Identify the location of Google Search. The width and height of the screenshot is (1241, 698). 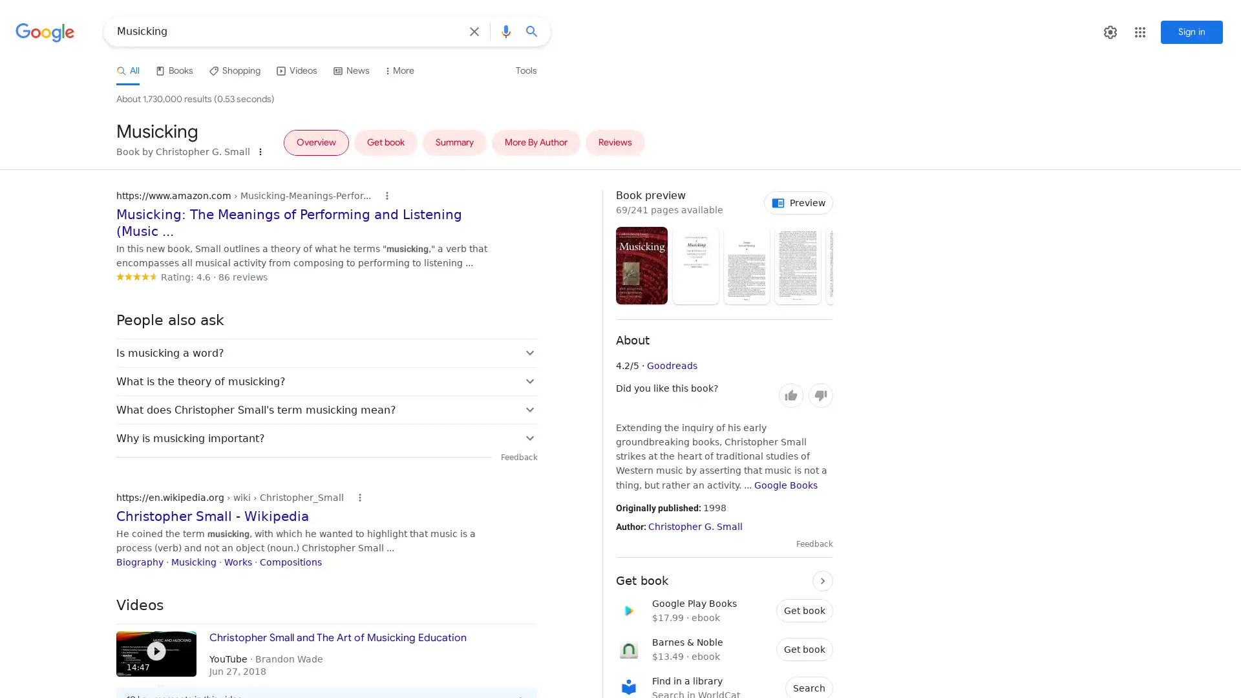
(536, 31).